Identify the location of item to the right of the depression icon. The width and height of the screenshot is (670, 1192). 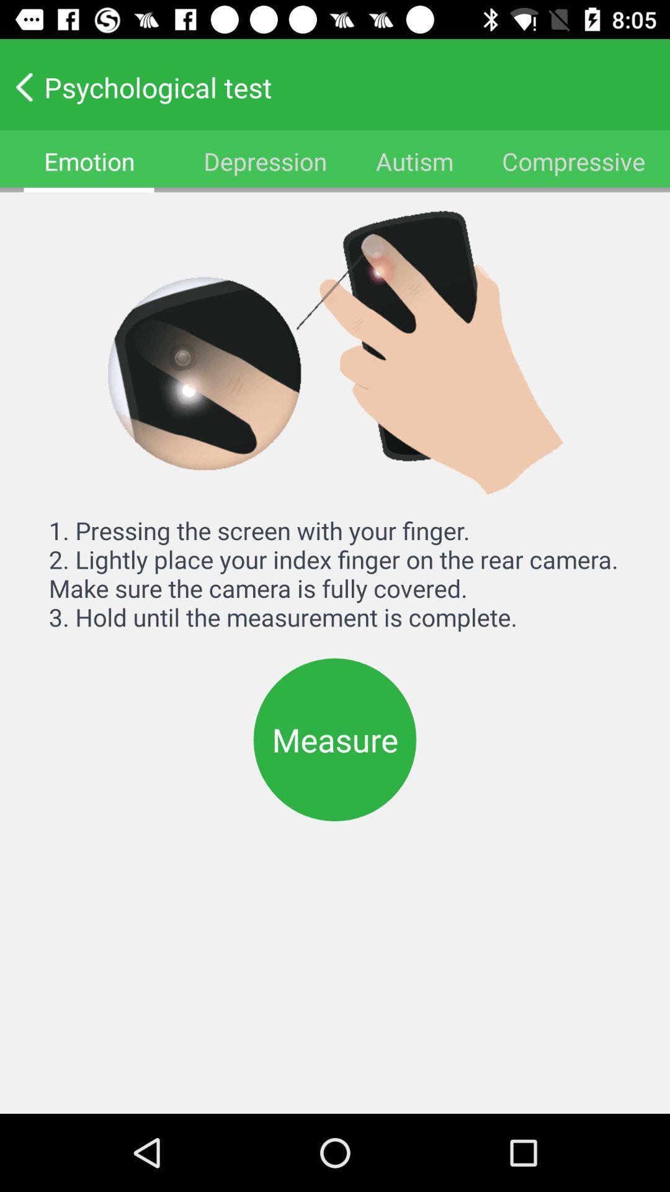
(414, 160).